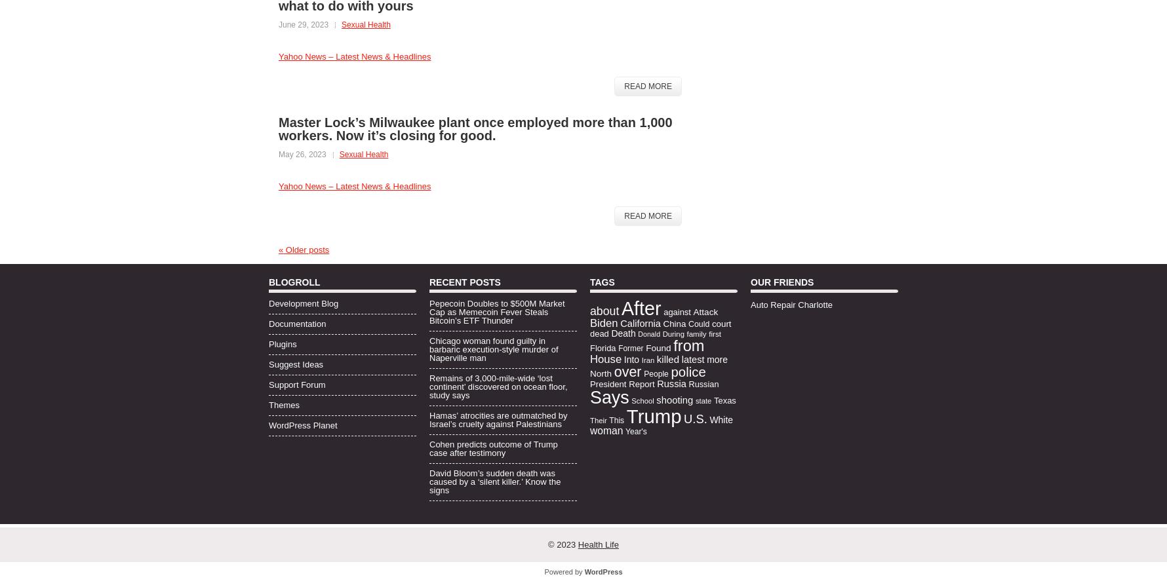 The image size is (1167, 585). I want to click on 'Biden', so click(589, 322).